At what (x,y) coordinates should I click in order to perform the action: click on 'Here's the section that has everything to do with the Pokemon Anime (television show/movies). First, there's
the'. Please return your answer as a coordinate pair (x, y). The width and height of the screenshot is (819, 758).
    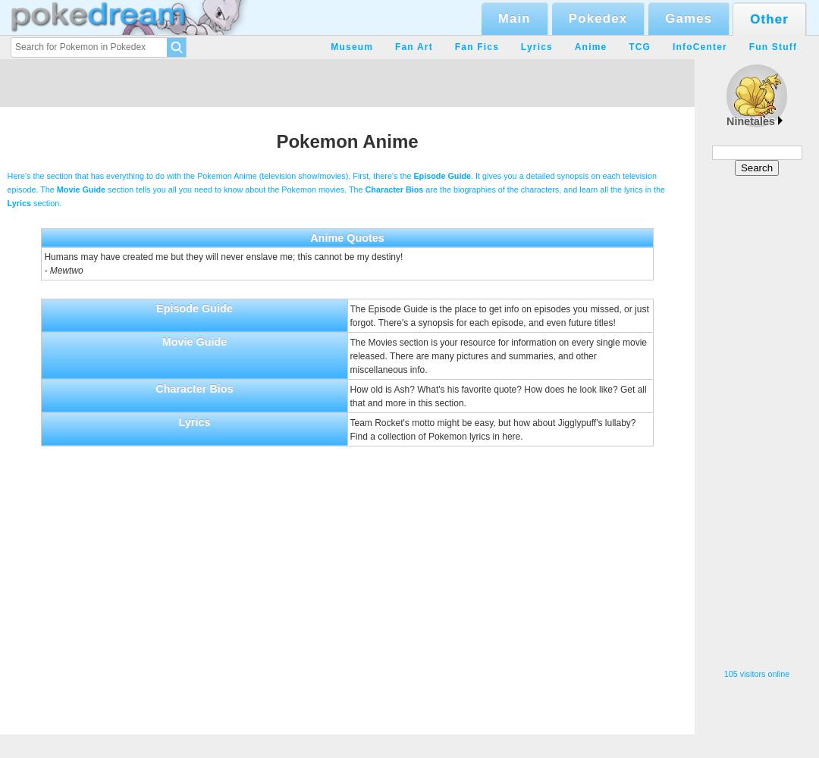
    Looking at the image, I should click on (210, 174).